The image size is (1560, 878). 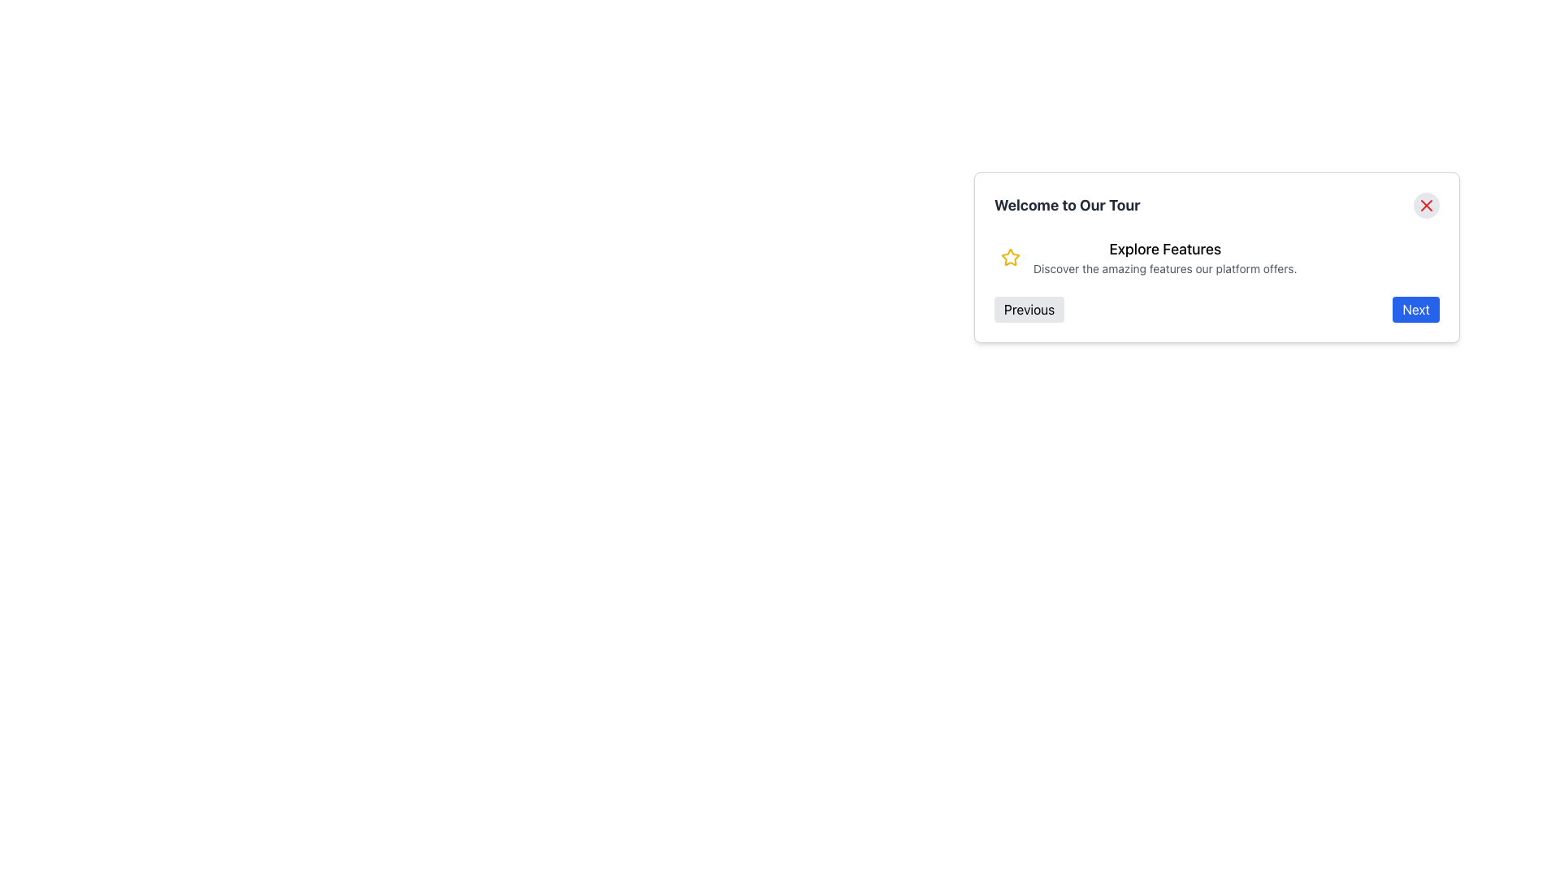 What do you see at coordinates (1009, 256) in the screenshot?
I see `the star icon with a yellow outline and white center located next to the 'Explore Features' text in the 'Welcome to Our Tour' dialog` at bounding box center [1009, 256].